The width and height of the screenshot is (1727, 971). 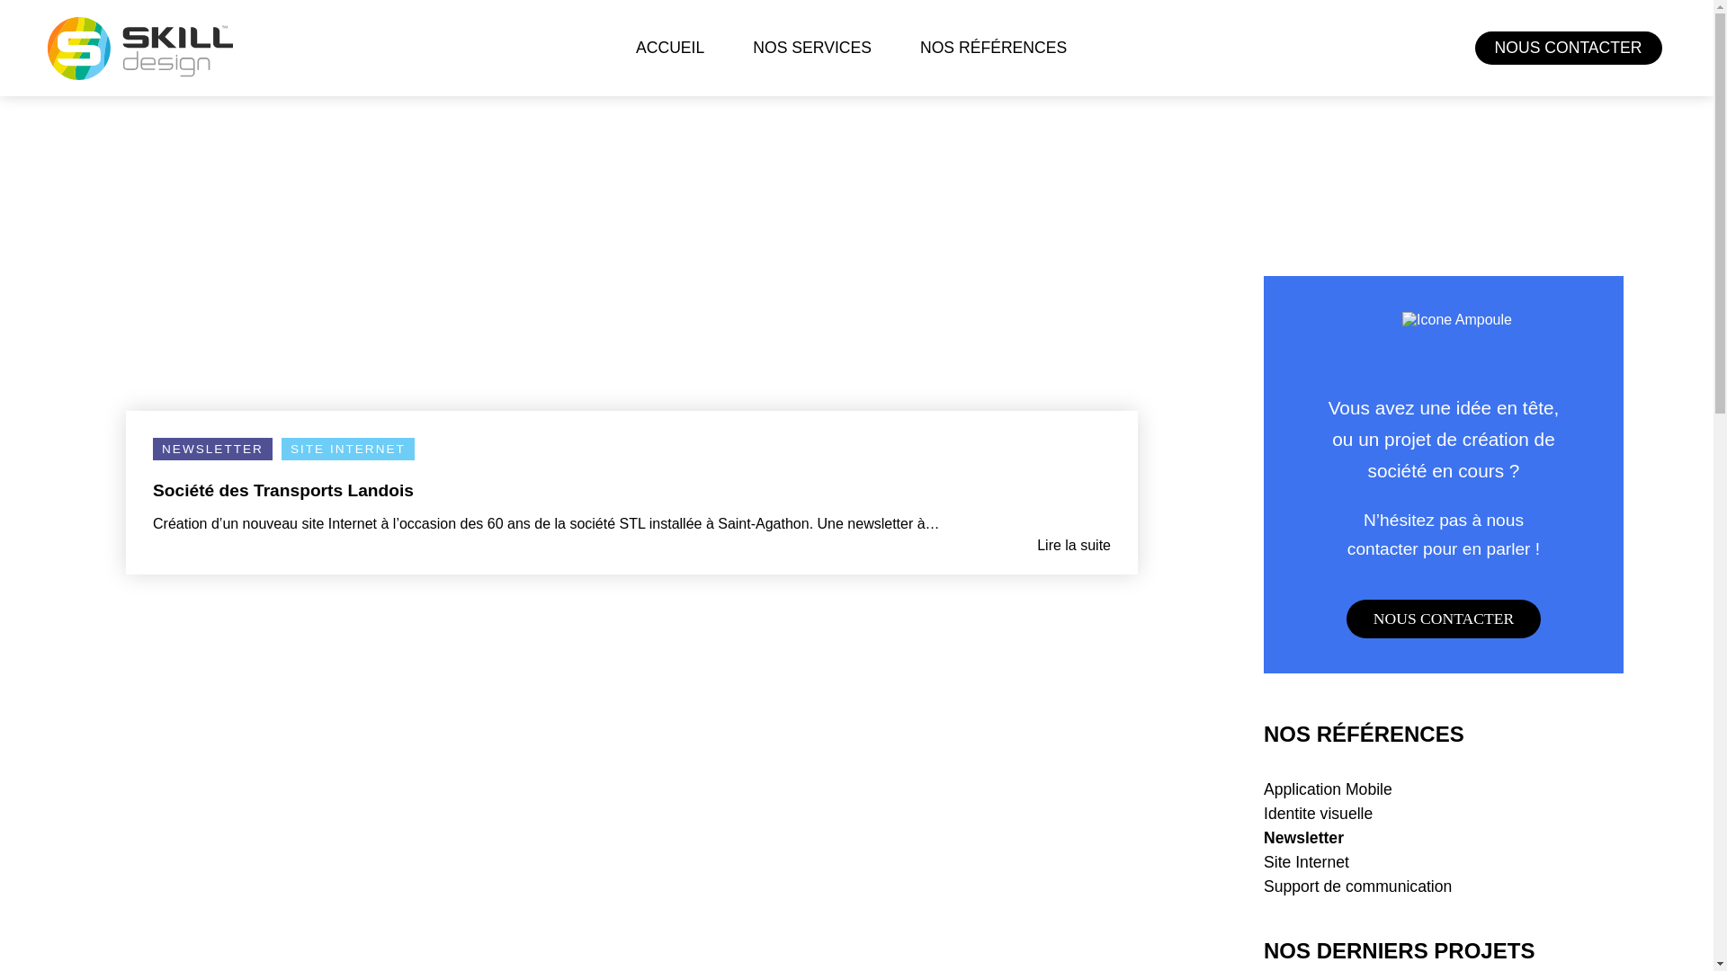 What do you see at coordinates (1263, 788) in the screenshot?
I see `'Application Mobile'` at bounding box center [1263, 788].